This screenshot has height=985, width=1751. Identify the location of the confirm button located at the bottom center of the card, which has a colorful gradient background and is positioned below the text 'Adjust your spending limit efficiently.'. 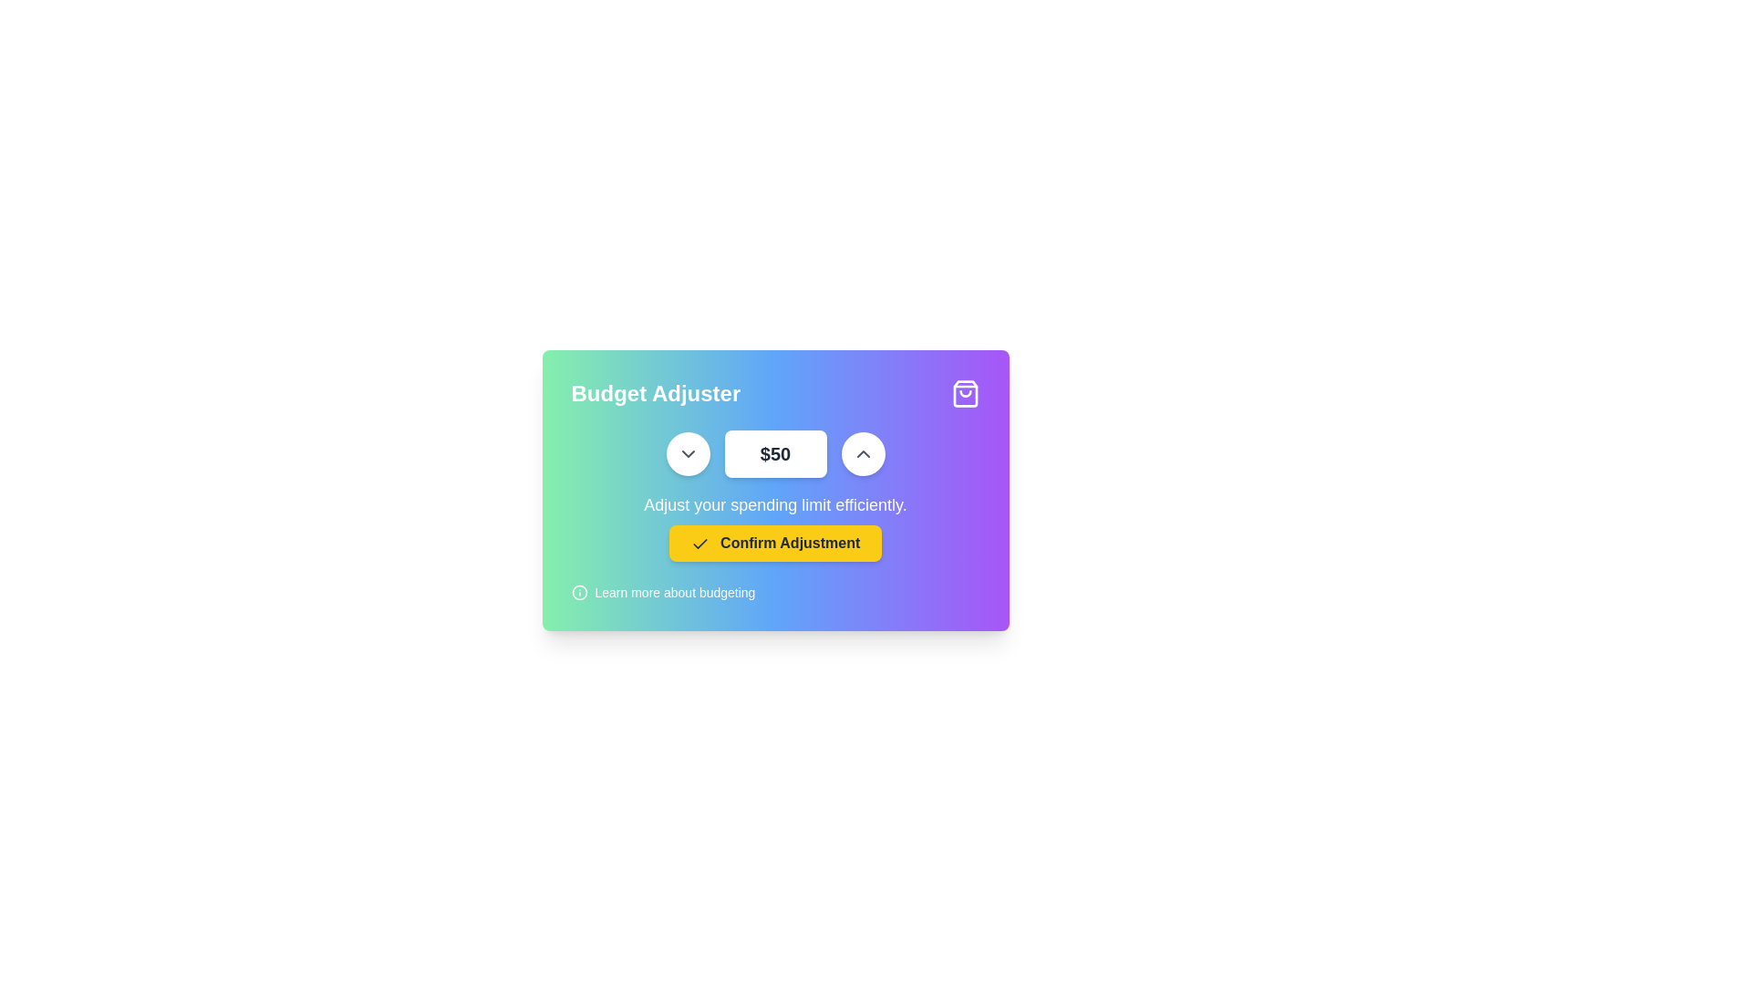
(775, 543).